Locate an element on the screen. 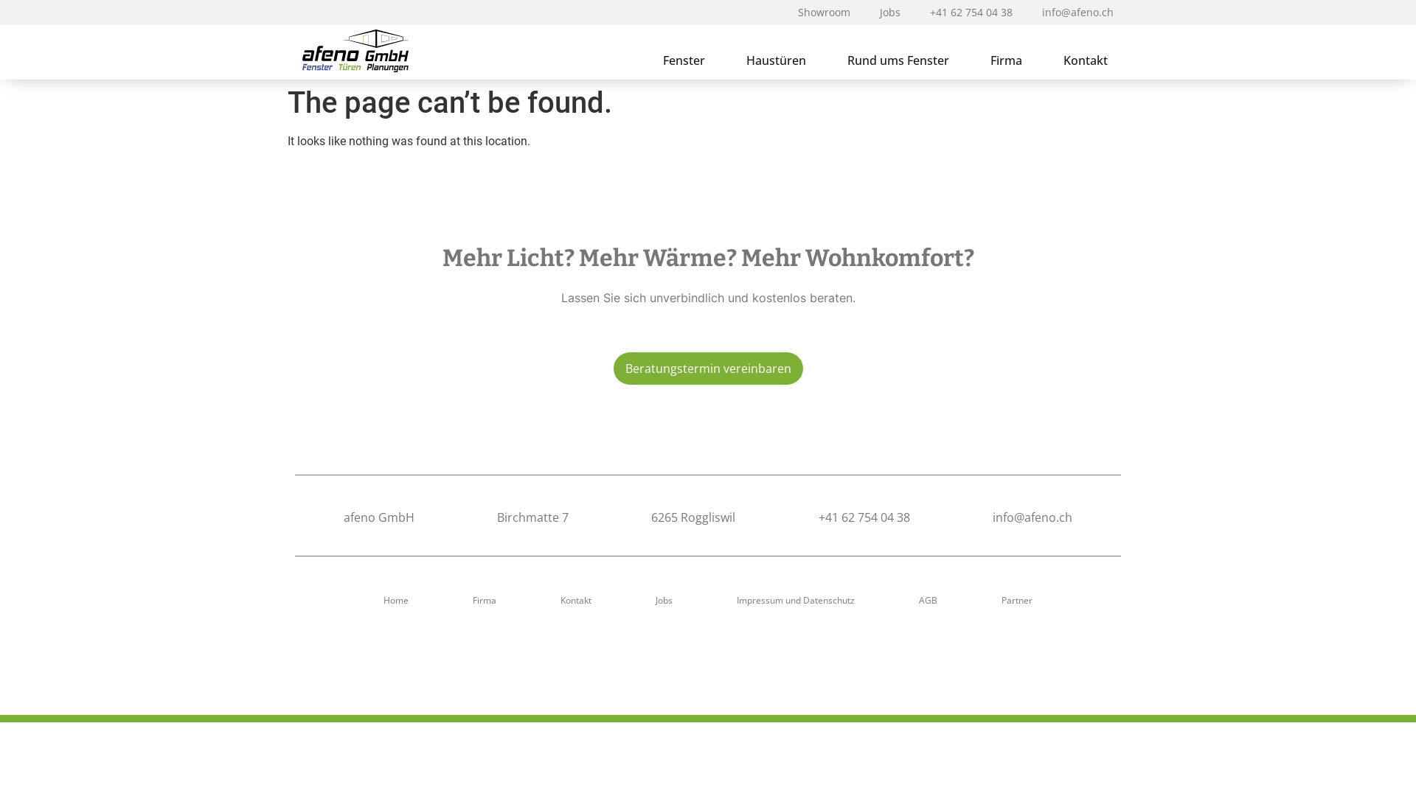  'Fenster' is located at coordinates (642, 59).